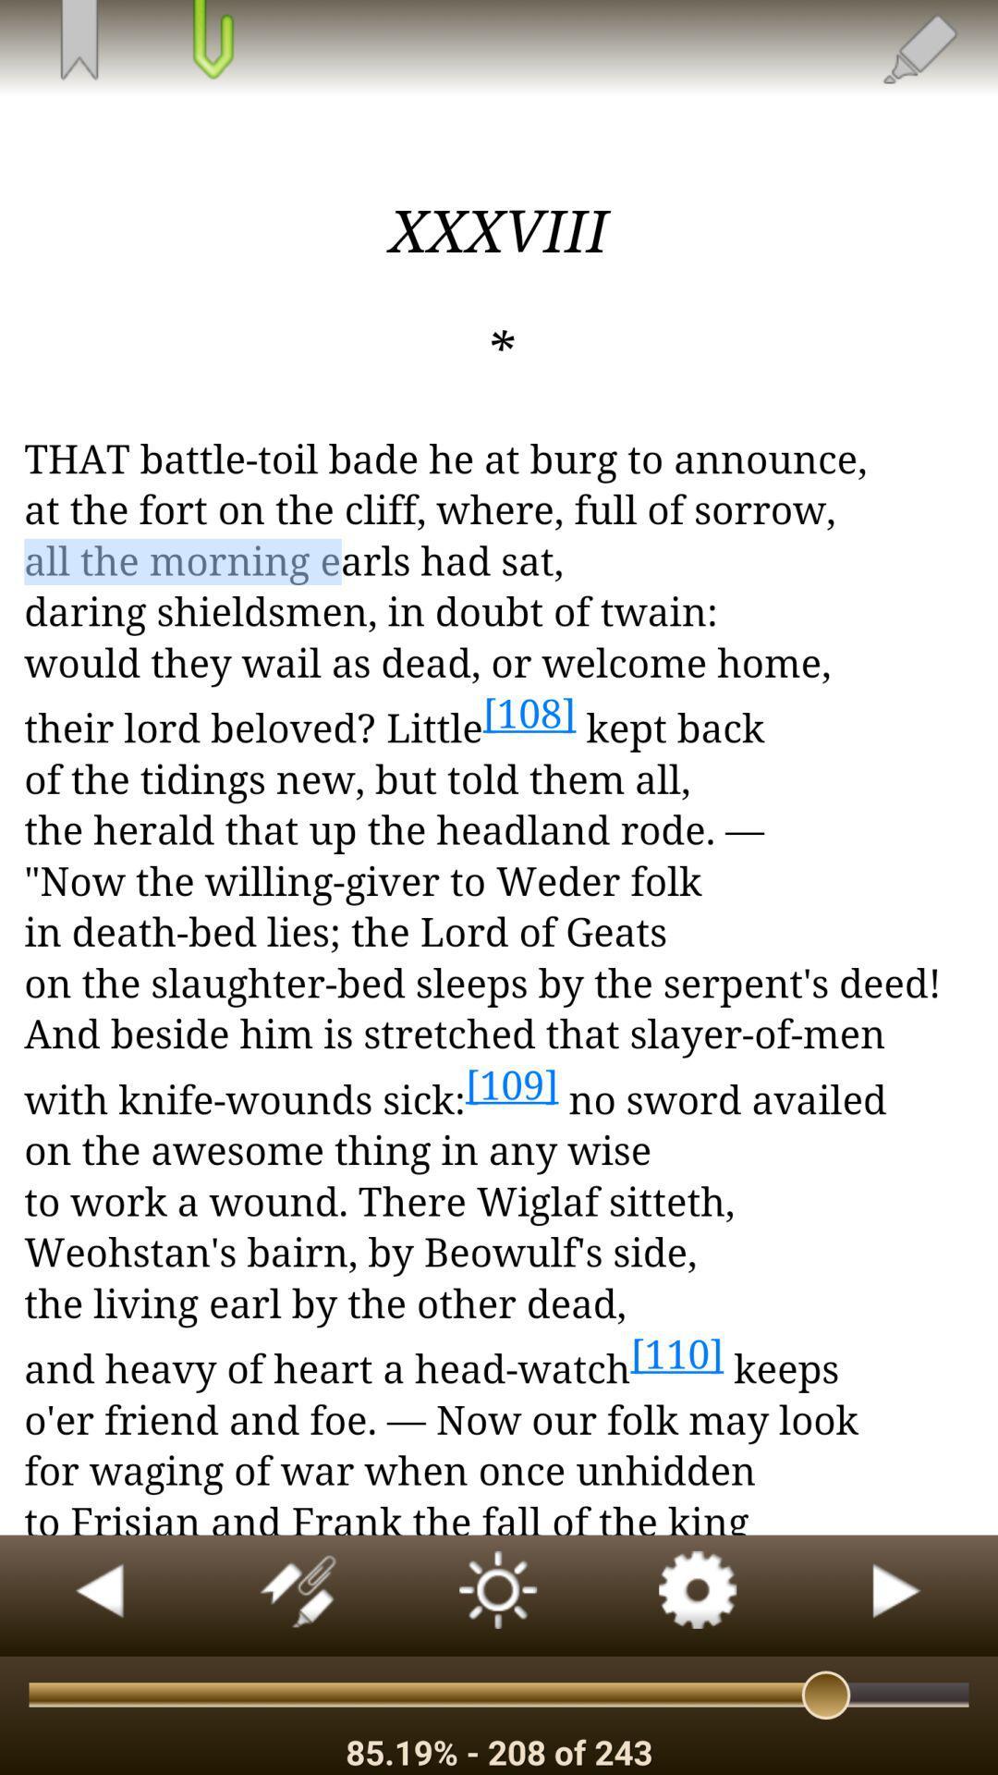  I want to click on back, so click(897, 1595).